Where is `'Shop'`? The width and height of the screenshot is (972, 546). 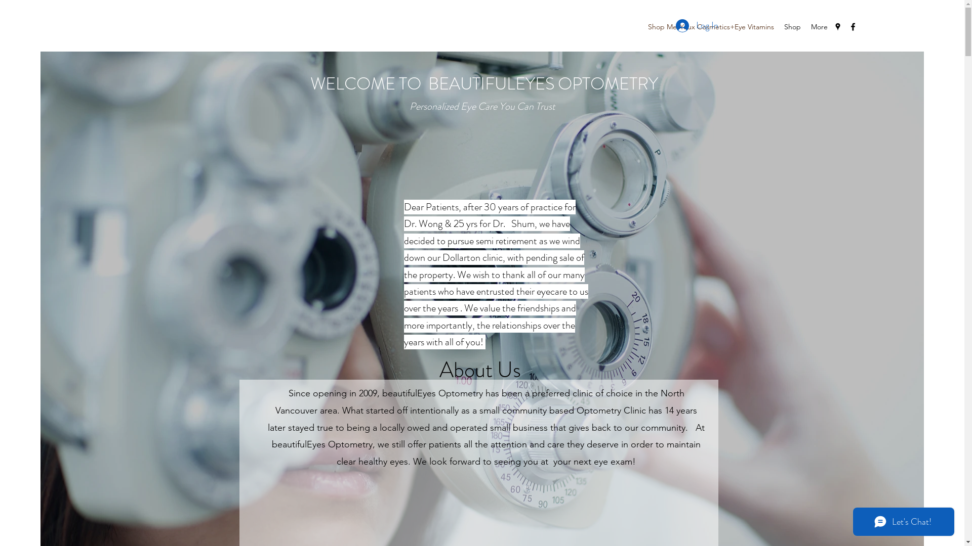 'Shop' is located at coordinates (792, 26).